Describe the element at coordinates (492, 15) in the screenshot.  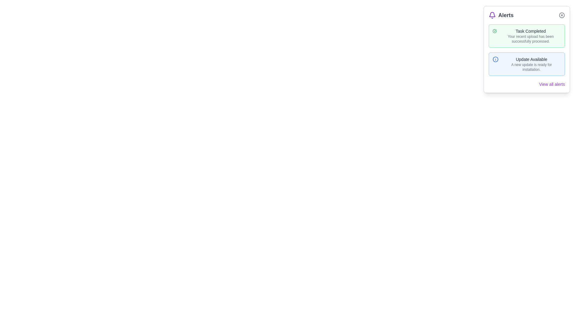
I see `the purple bell icon located at the left side of the horizontal group that includes the 'Alerts' text, positioned at the top of a card-like section` at that location.